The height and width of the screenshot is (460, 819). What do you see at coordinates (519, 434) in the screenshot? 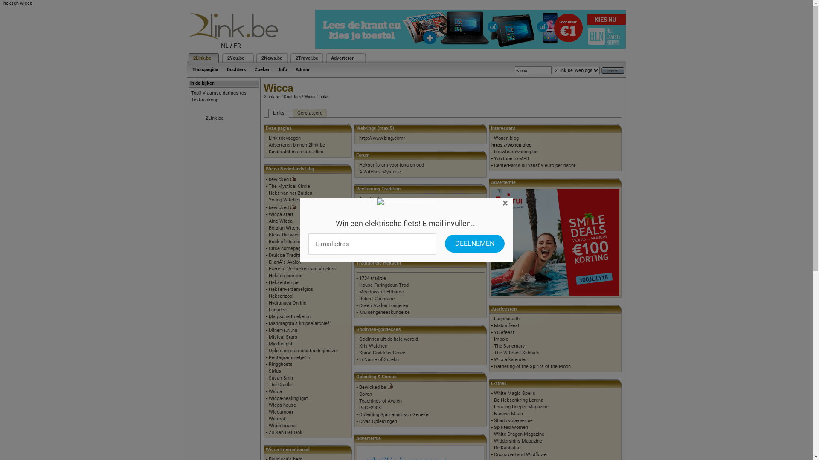
I see `'White Dragon Magazine'` at bounding box center [519, 434].